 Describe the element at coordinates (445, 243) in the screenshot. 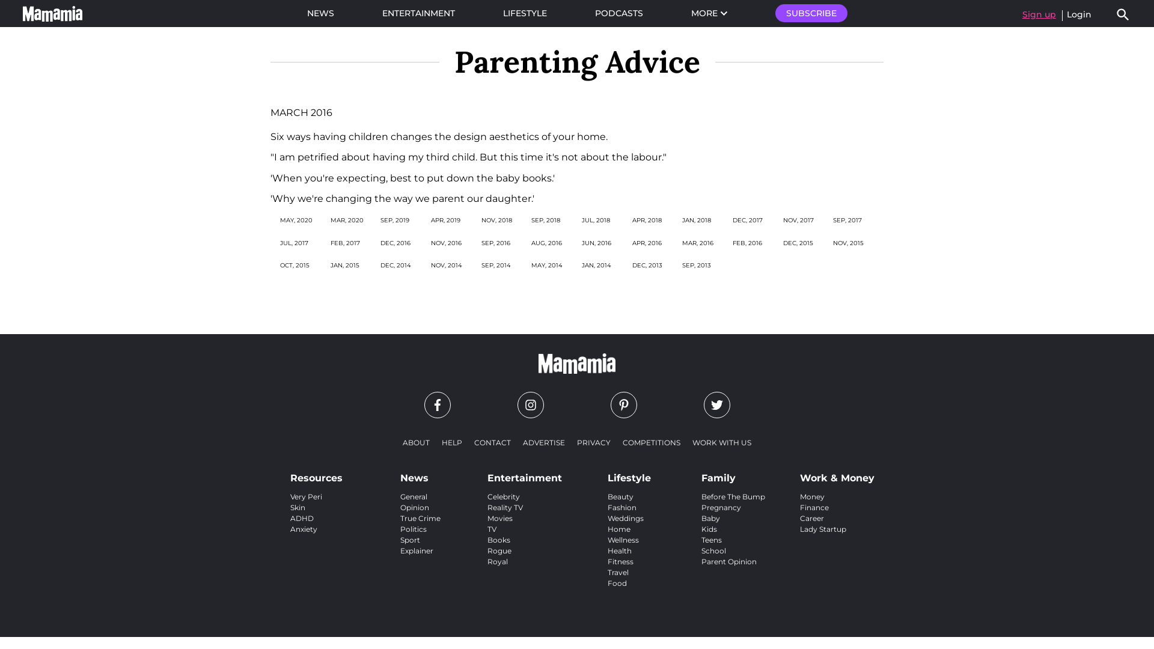

I see `'NOV, 2016'` at that location.